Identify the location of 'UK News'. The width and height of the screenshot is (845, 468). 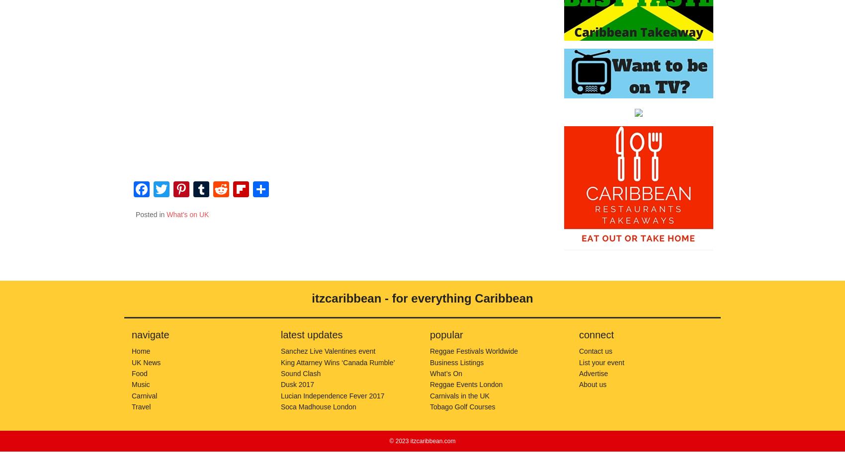
(146, 362).